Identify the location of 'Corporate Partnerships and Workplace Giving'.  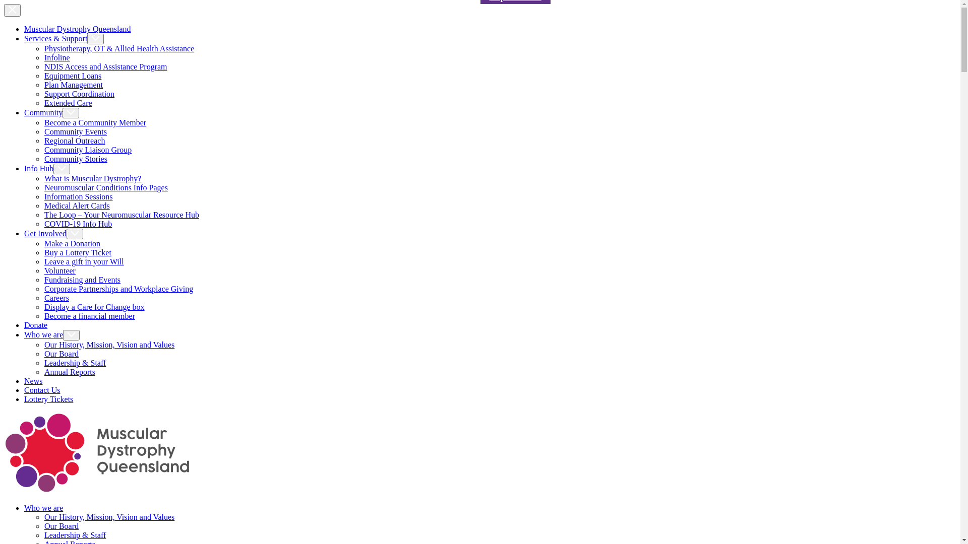
(118, 289).